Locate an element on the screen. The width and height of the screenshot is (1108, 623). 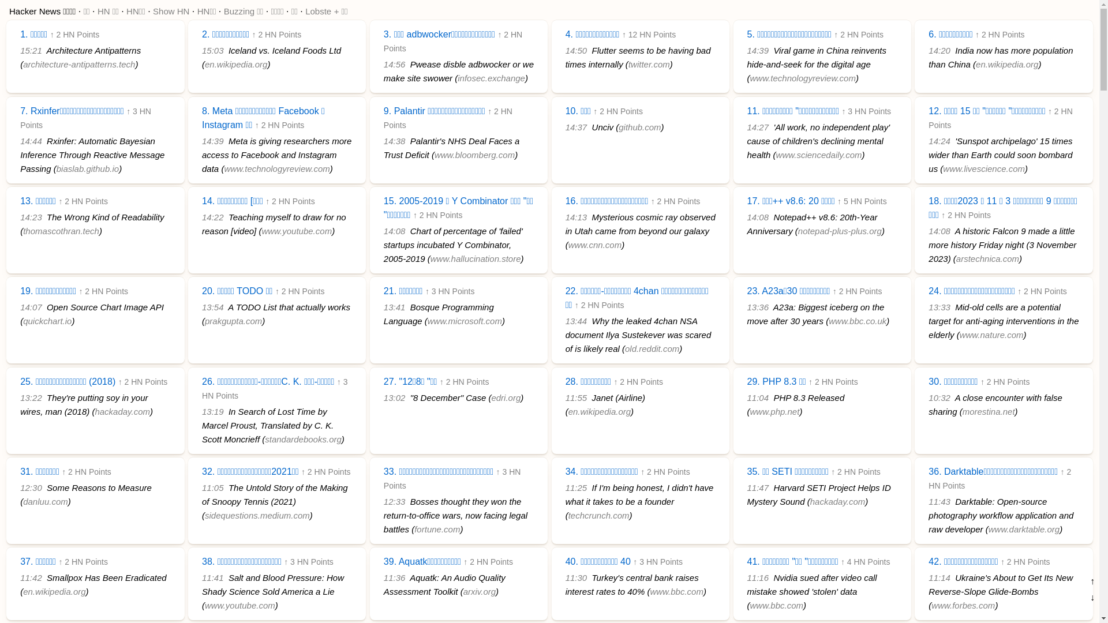
'www.bloomberg.com' is located at coordinates (474, 154).